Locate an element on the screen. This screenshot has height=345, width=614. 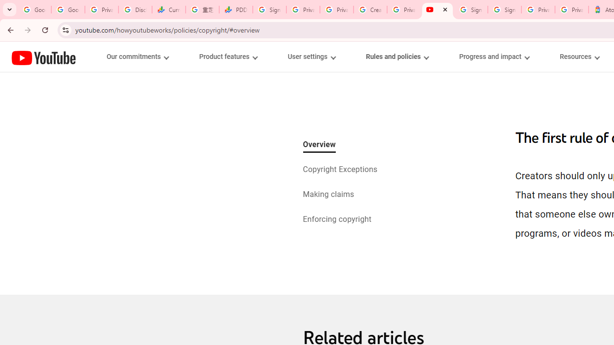
'Resources menupopup' is located at coordinates (579, 57).